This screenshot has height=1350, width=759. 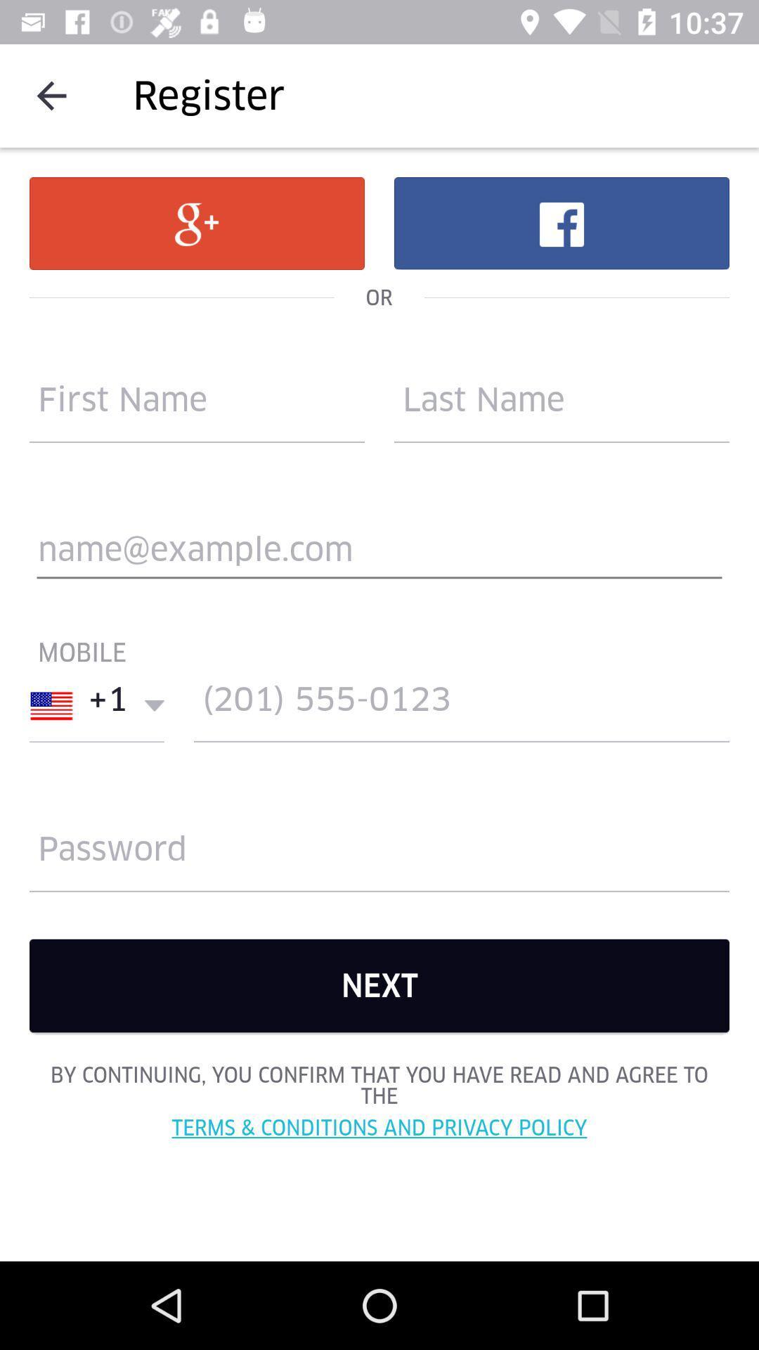 I want to click on the accouynt reate option, so click(x=197, y=406).